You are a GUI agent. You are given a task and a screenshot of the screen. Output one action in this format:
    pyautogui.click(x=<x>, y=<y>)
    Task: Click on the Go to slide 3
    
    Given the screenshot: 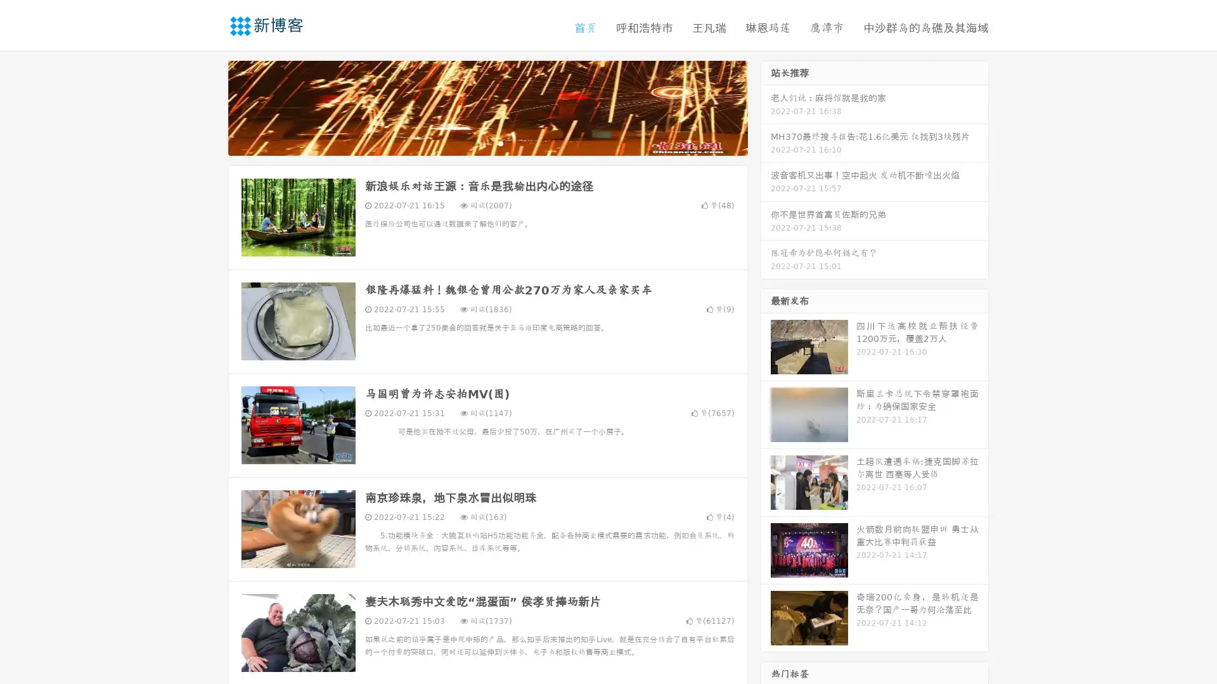 What is the action you would take?
    pyautogui.click(x=500, y=142)
    